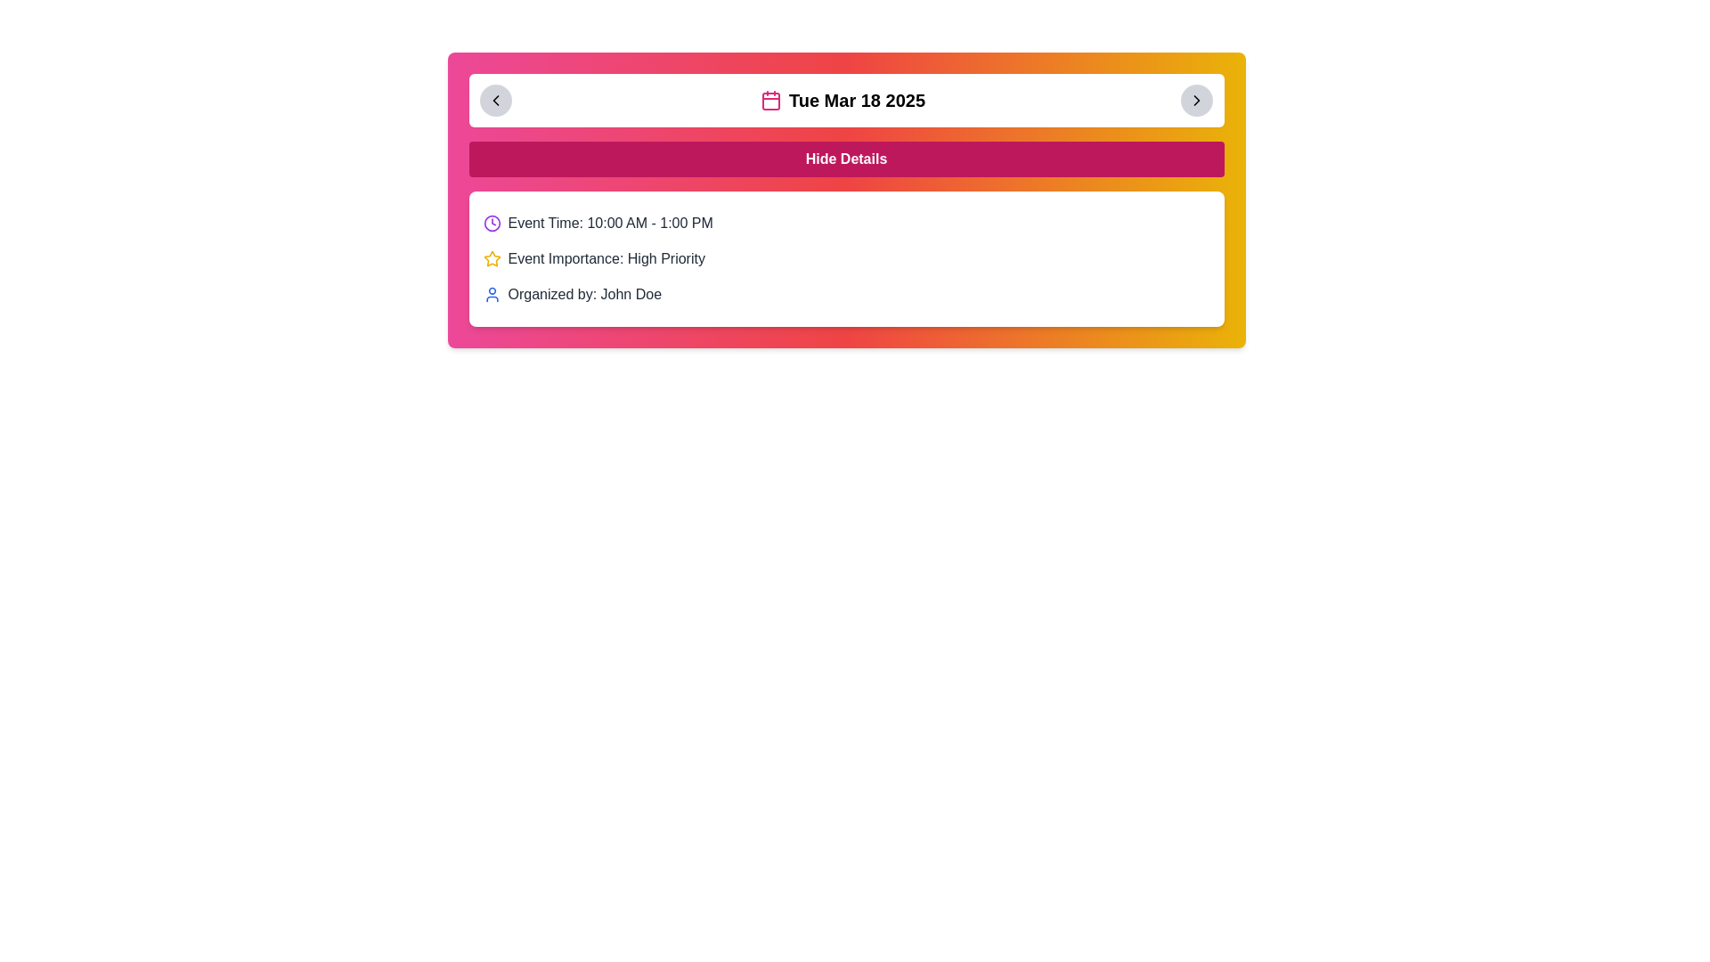 The width and height of the screenshot is (1710, 962). Describe the element at coordinates (492, 294) in the screenshot. I see `the user's avatar icon with a blue outline, which is the leftmost component in the 'Organized by: John Doe' section` at that location.